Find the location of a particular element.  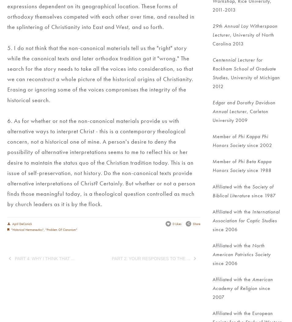

'"Problem of Canonism"' is located at coordinates (45, 229).